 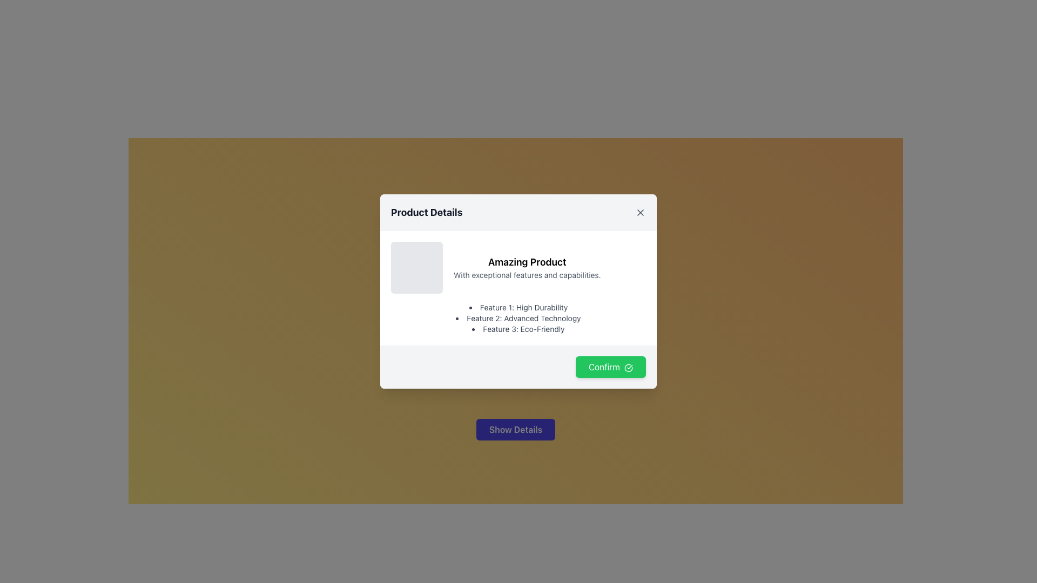 I want to click on the 'X' button in the upper-right corner of the 'Product Details' header, so click(x=640, y=212).